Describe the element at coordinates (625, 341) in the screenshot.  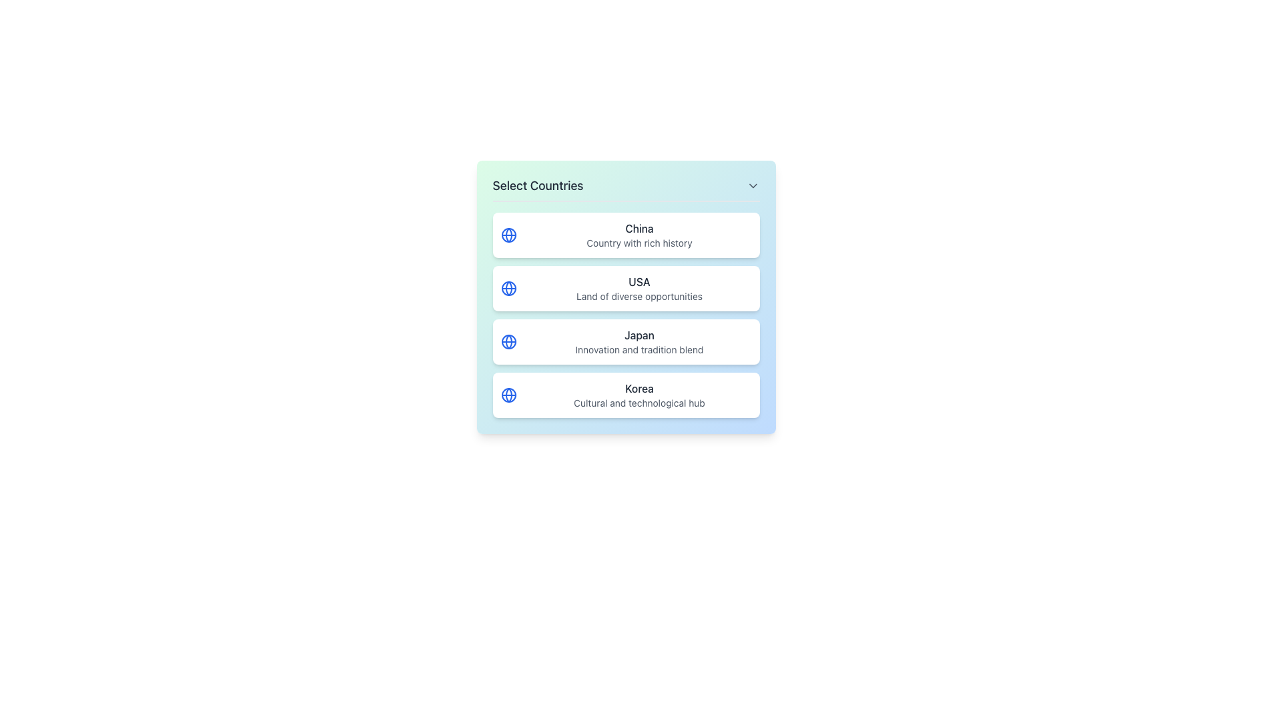
I see `the selectable card displaying 'Japan' with a globe icon, which is the third option in the 'Select Countries' layout` at that location.